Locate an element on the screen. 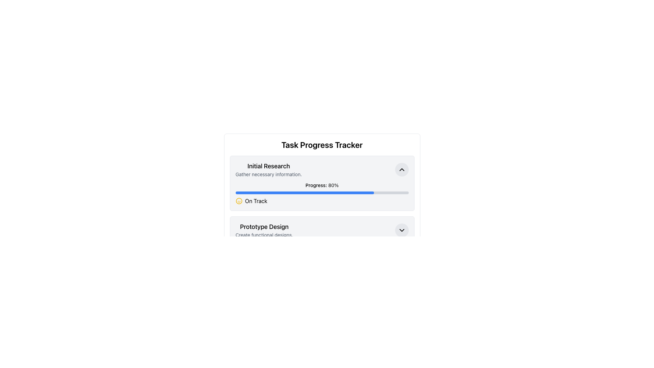  the downward pointing chevron icon button with a light gray background, which is located to the far right in the row with the text 'Prototype Design' and 'Create functional designs.' This button toggles the section is located at coordinates (402, 230).